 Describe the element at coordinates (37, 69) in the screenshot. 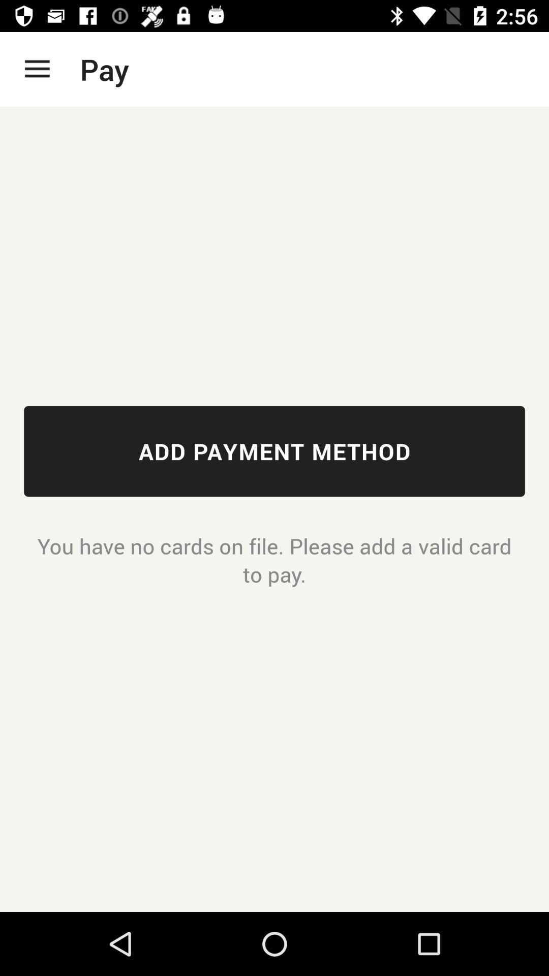

I see `the app next to the pay icon` at that location.